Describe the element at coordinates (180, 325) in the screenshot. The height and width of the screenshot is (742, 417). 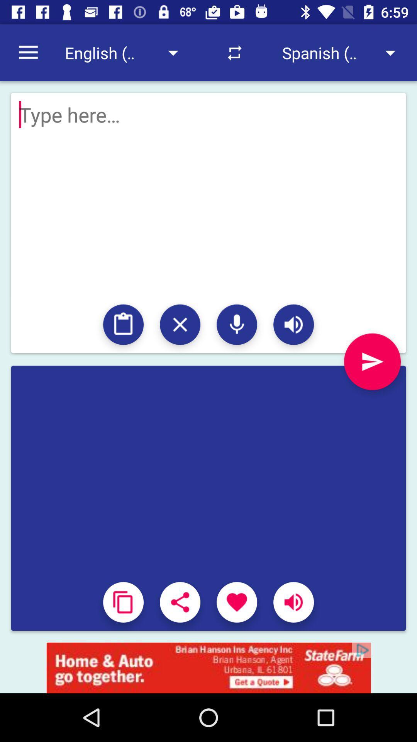
I see `close` at that location.